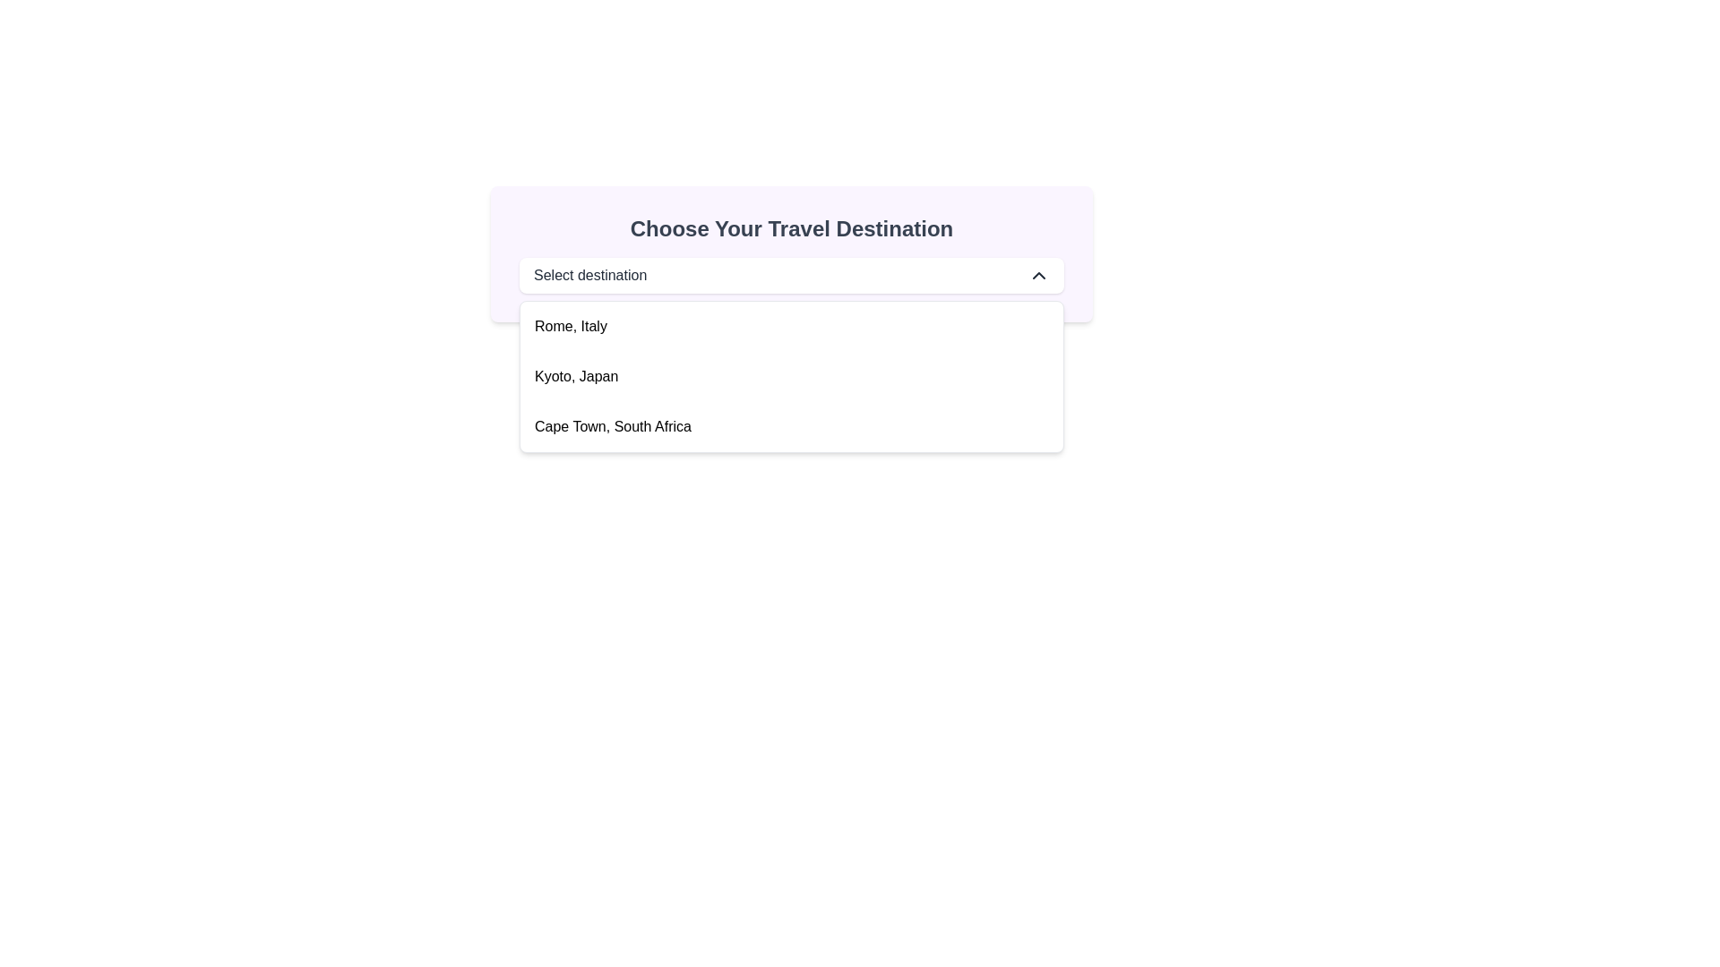  Describe the element at coordinates (570, 327) in the screenshot. I see `the first entry in the dropdown list labeled 'Select destination'` at that location.